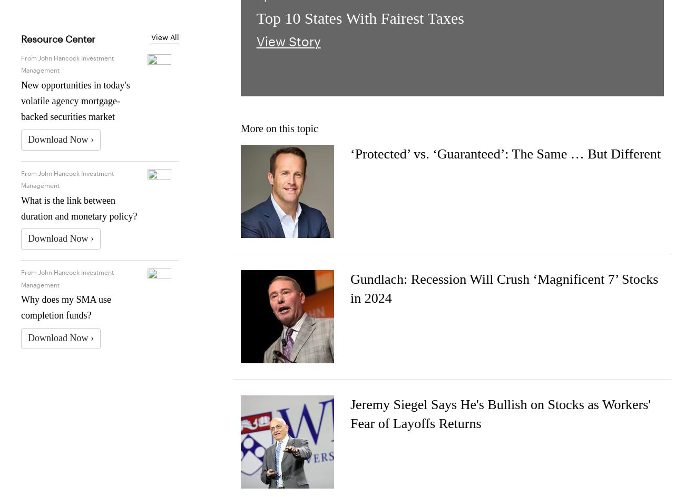 This screenshot has width=685, height=497. Describe the element at coordinates (349, 287) in the screenshot. I see `'Gundlach: Recession Will Crush ‘Magnificent 7’ Stocks in 2024'` at that location.